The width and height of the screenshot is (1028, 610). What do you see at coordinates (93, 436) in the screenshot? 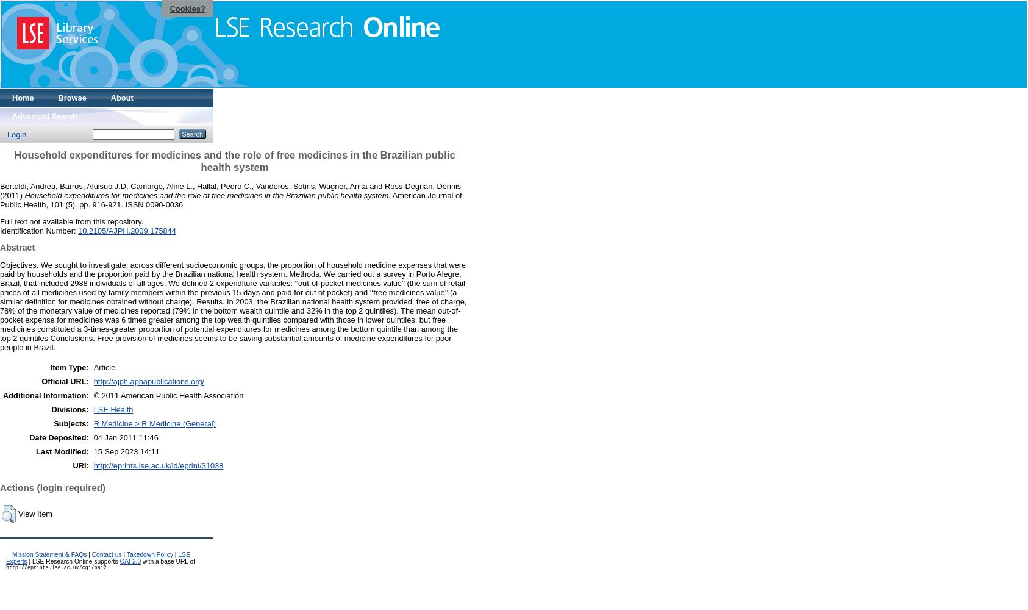
I see `'04 Jan 2011 11:46'` at bounding box center [93, 436].